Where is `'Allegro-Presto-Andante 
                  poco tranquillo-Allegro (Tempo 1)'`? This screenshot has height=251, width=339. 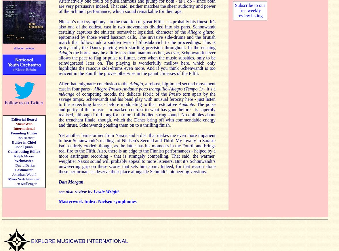 'Allegro-Presto-Andante 
                  poco tranquillo-Allegro (Tempo 1)' is located at coordinates (148, 88).